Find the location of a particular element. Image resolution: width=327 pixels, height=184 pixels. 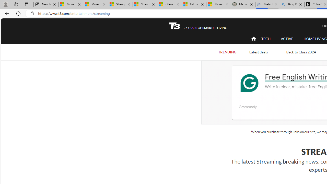

'Manatee Mortality Statistics | FWC' is located at coordinates (243, 4).